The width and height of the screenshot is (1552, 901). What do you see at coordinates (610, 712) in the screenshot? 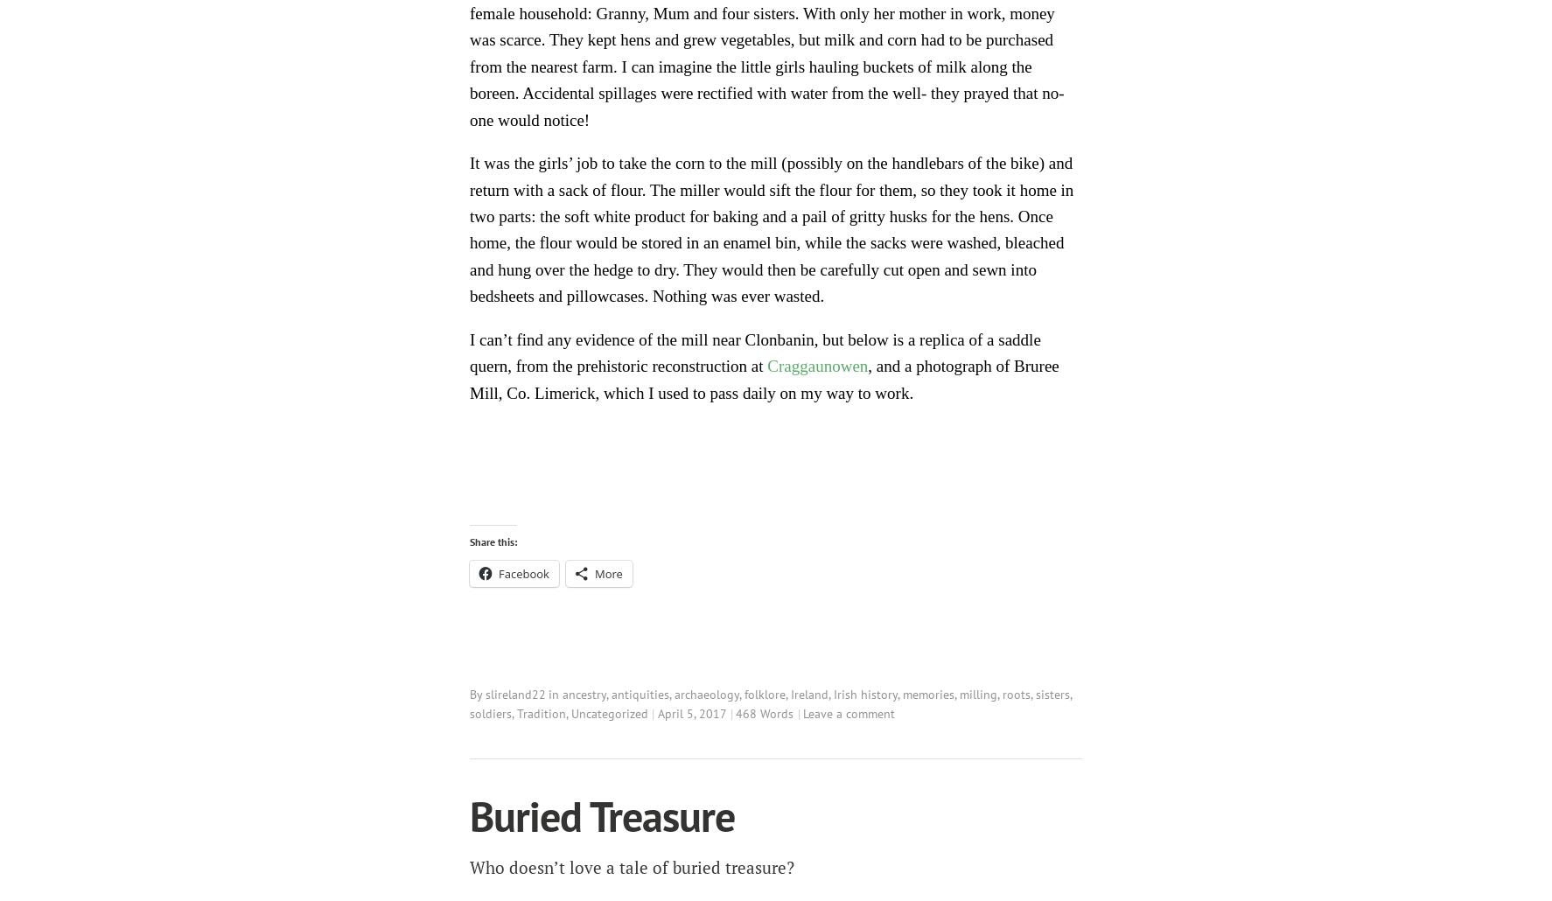
I see `'Uncategorized'` at bounding box center [610, 712].